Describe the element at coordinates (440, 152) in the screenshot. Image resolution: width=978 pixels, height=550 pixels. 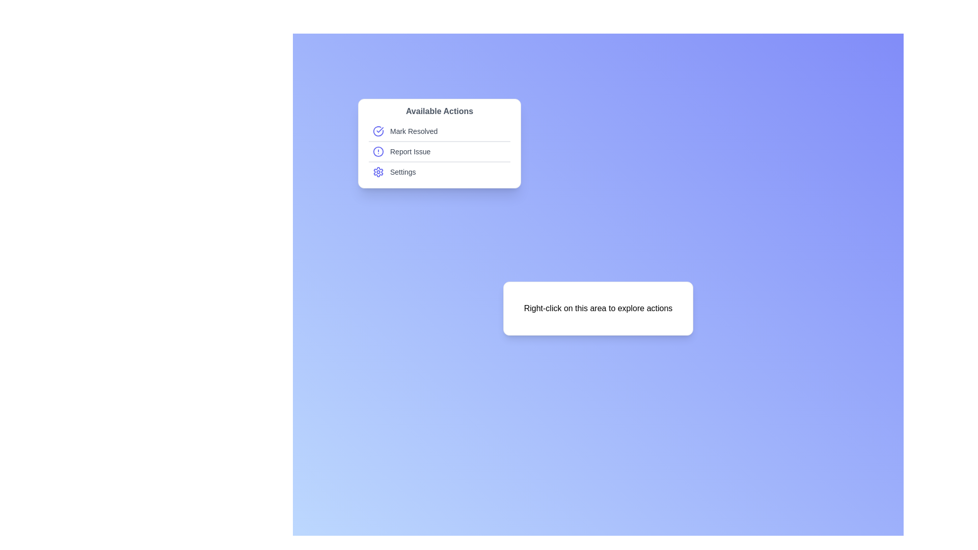
I see `the 'Report Issue' option in the context menu` at that location.